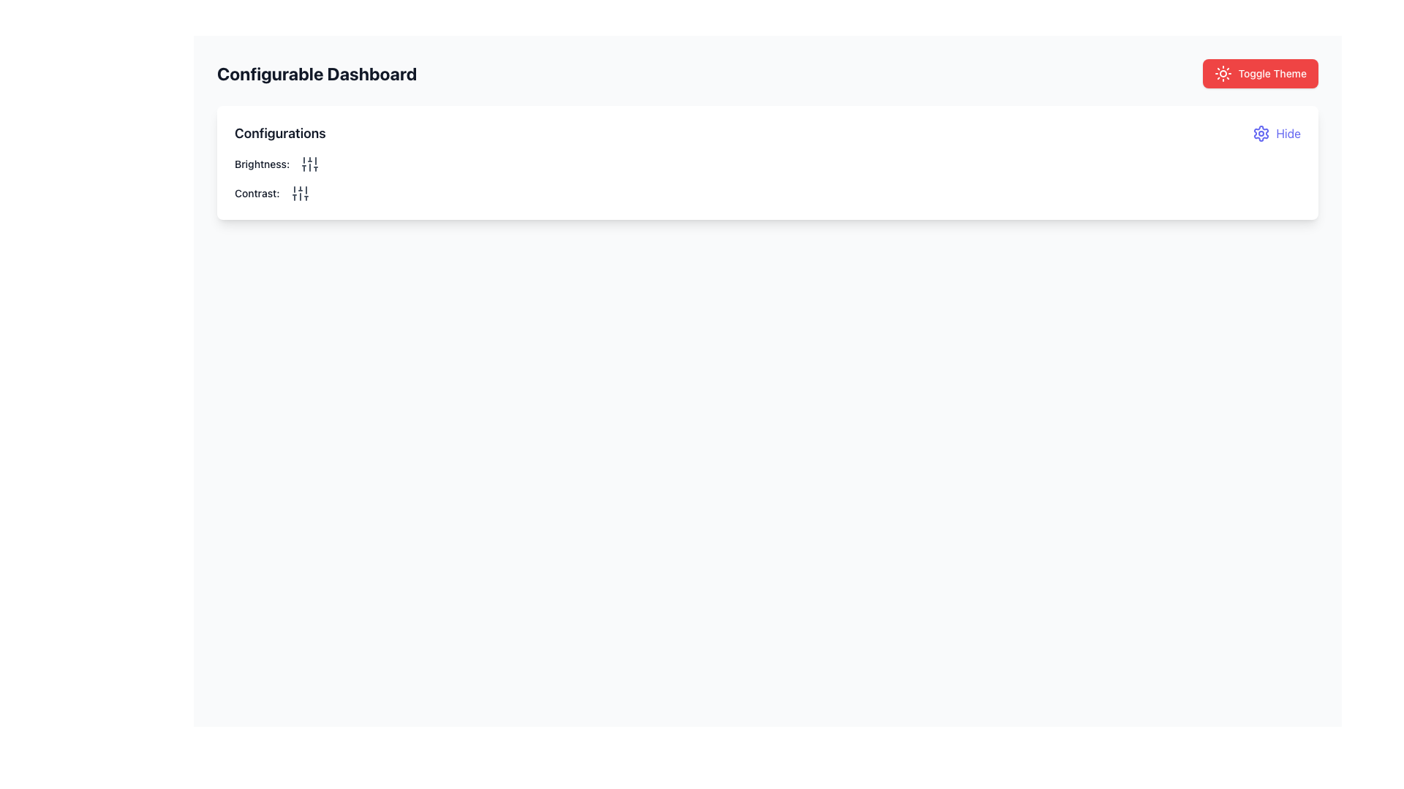  I want to click on the contrast adjustment icon located to the right of the 'Contrast:' label in the 'Configurations' section, so click(299, 193).